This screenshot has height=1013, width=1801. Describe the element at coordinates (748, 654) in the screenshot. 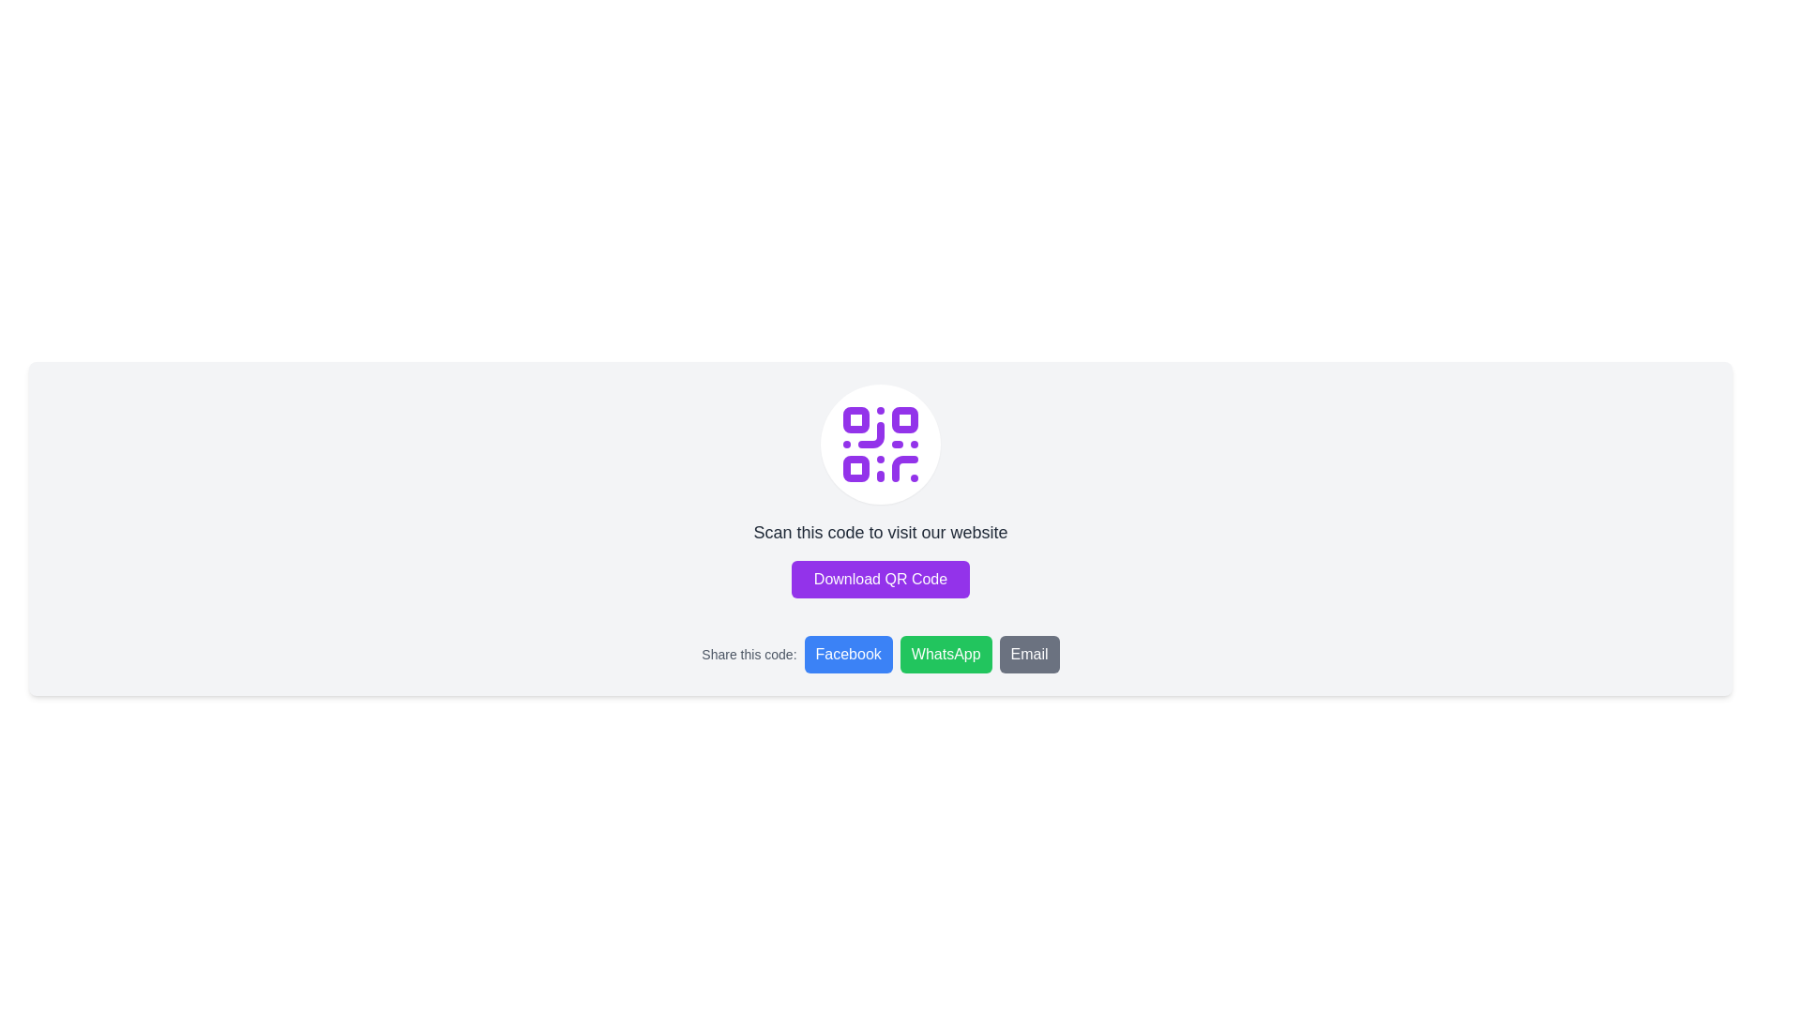

I see `label that says 'Share this code:' which is located slightly left-aligned in the bottom section of the interface, preceding the sharing buttons` at that location.